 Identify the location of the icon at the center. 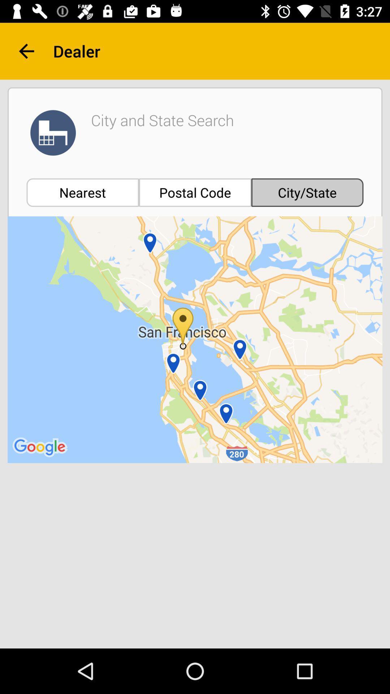
(195, 339).